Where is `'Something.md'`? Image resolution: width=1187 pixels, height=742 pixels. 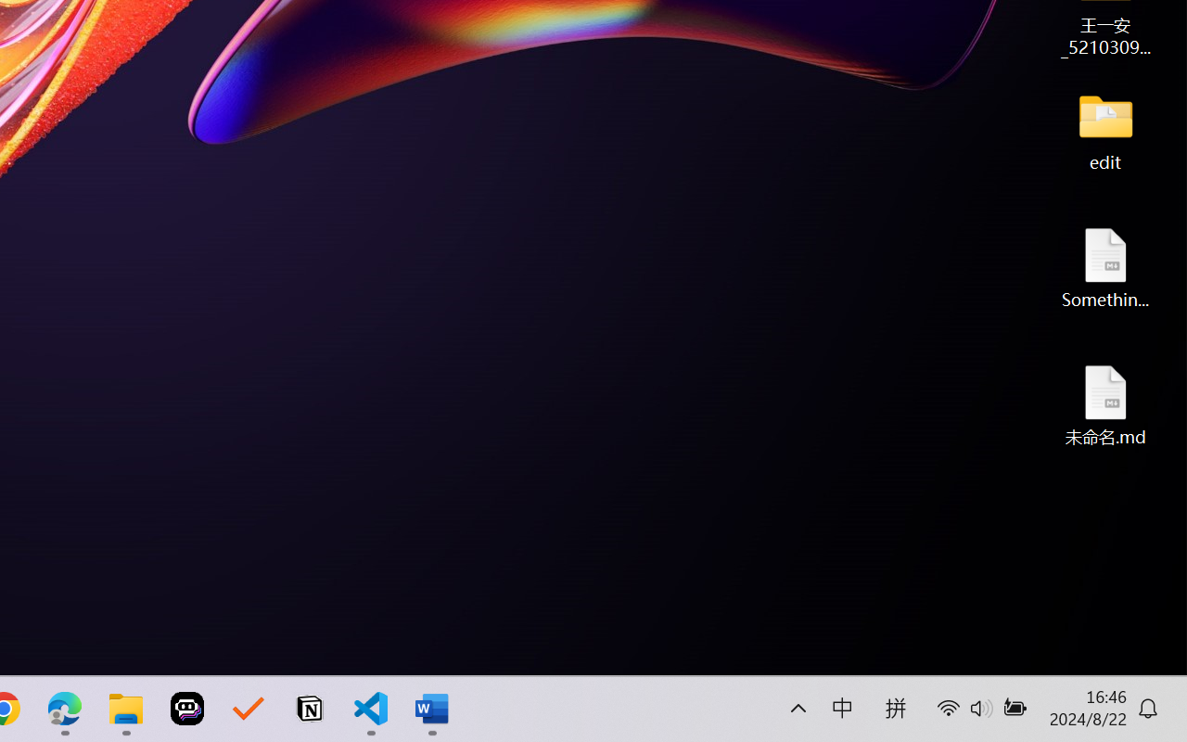 'Something.md' is located at coordinates (1105, 267).